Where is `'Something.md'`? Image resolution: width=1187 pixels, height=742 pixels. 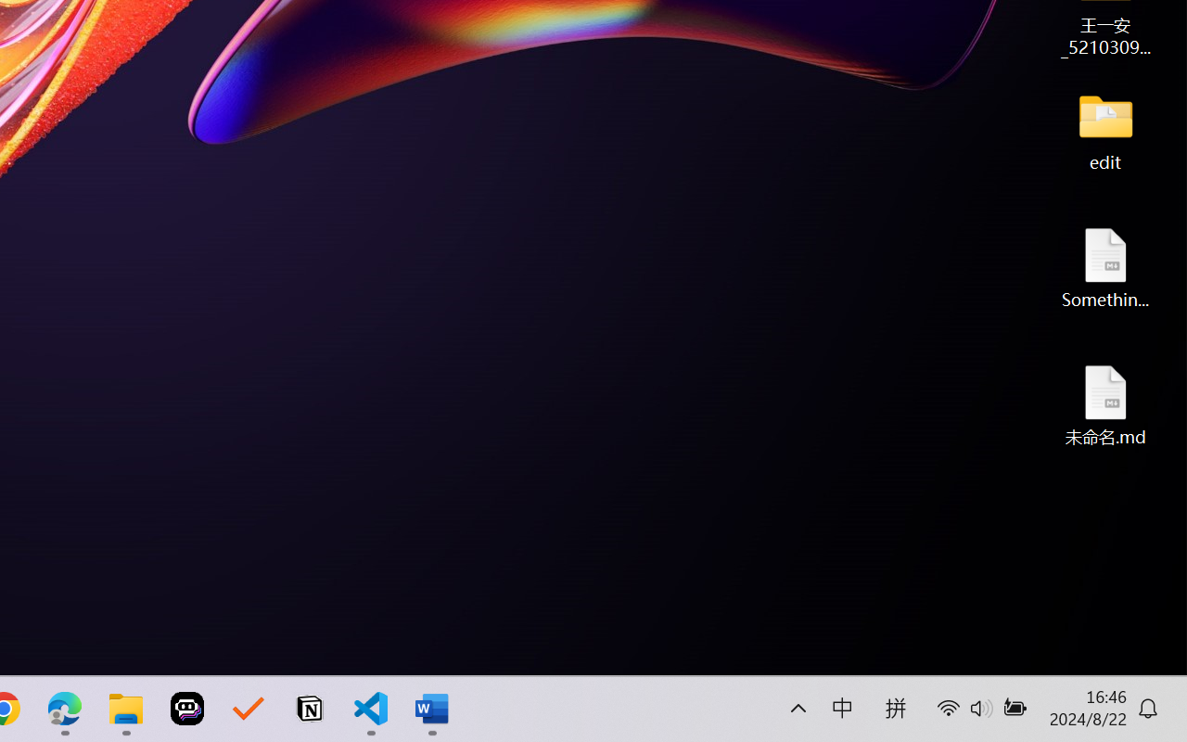 'Something.md' is located at coordinates (1105, 267).